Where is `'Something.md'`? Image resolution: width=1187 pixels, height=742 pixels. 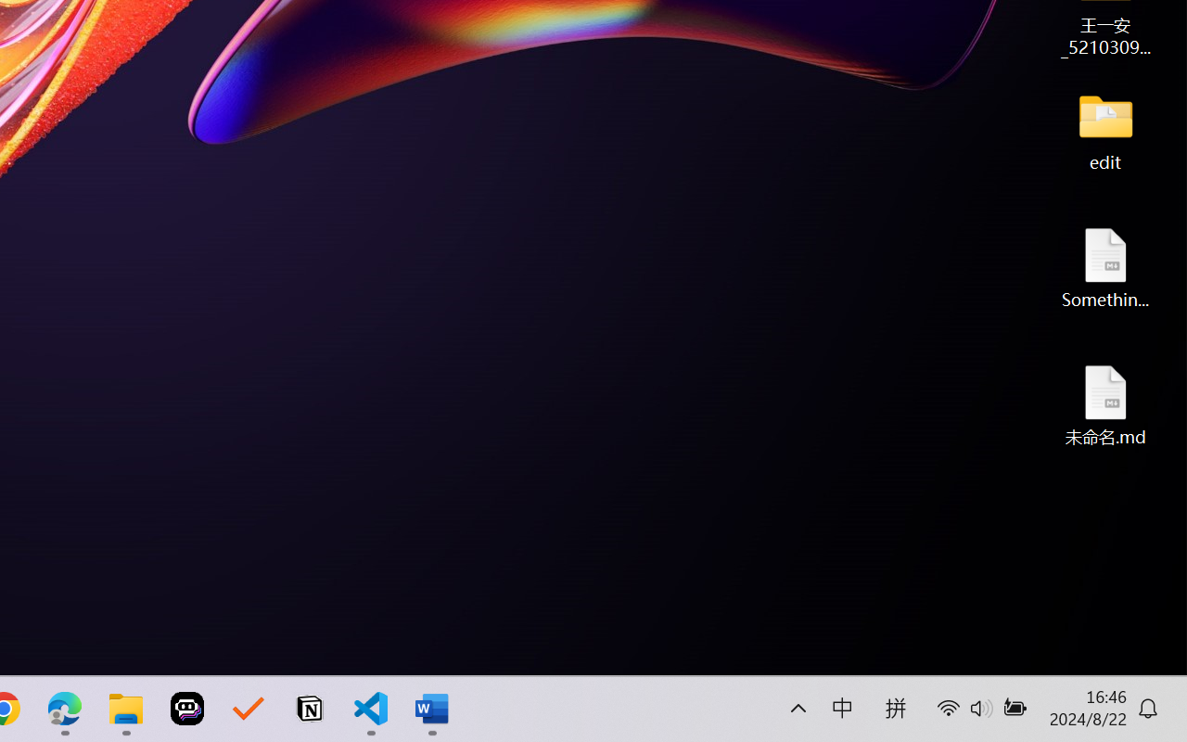 'Something.md' is located at coordinates (1105, 267).